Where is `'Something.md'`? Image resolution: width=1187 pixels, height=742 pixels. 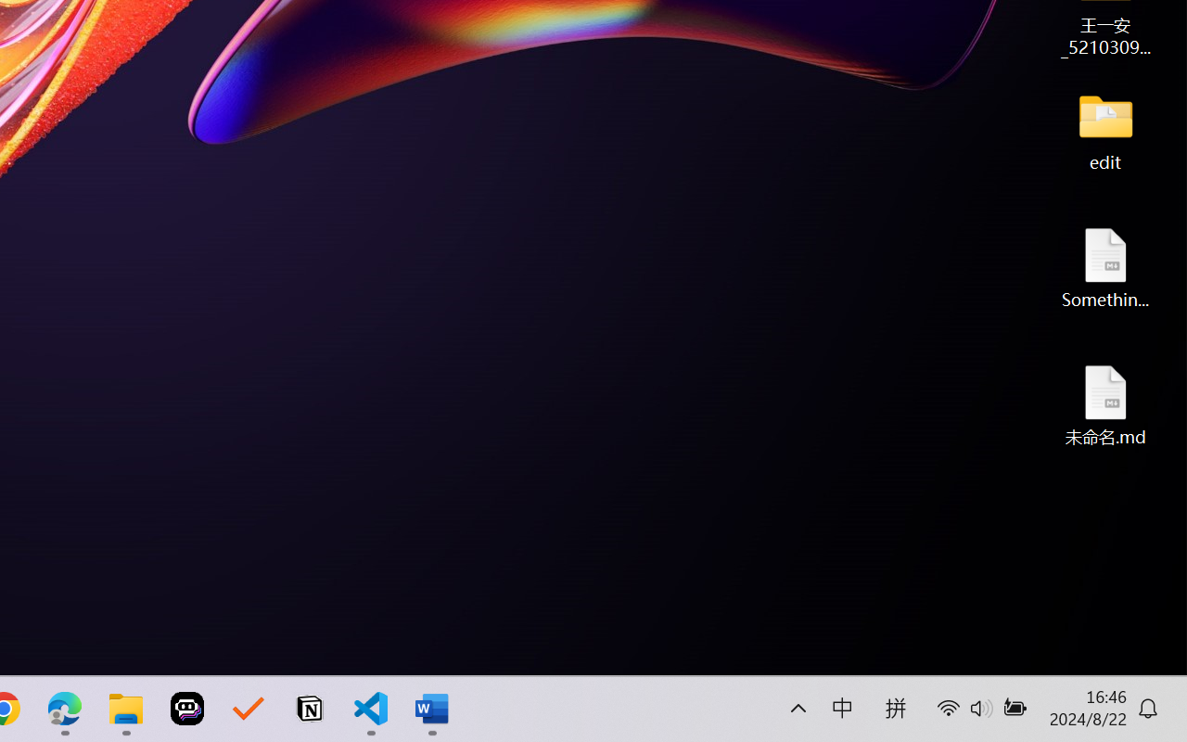 'Something.md' is located at coordinates (1105, 267).